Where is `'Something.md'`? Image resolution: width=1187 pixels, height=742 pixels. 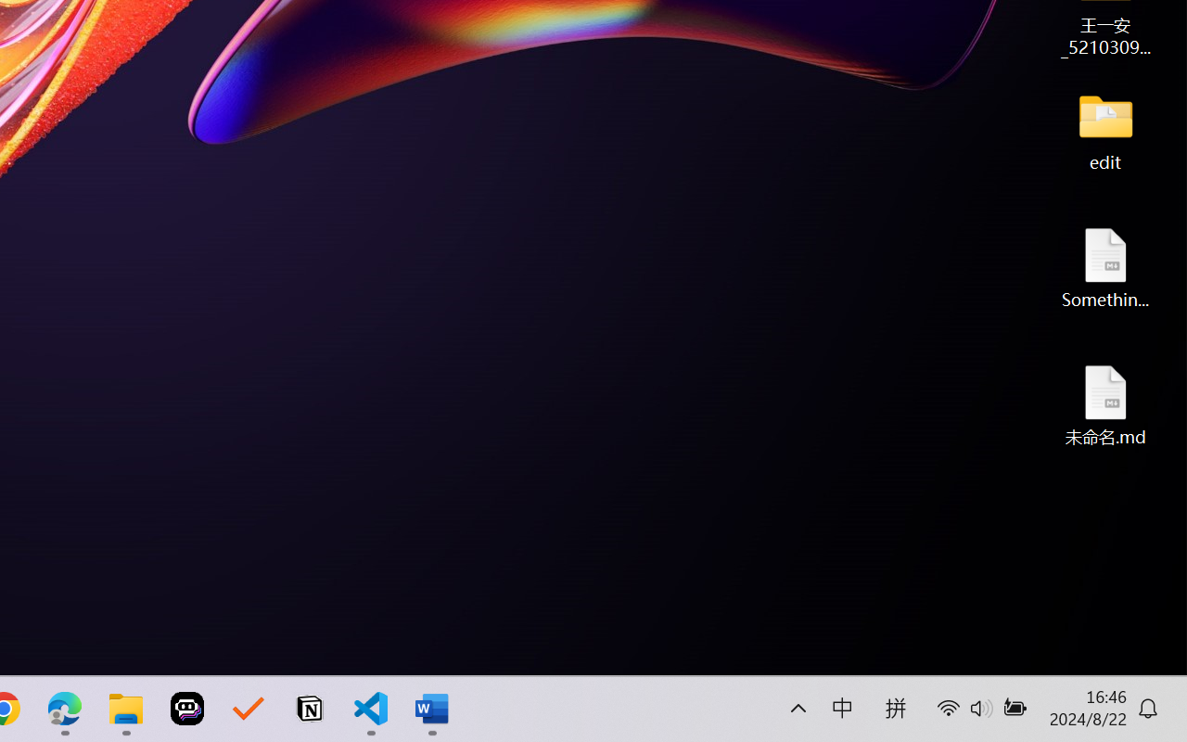 'Something.md' is located at coordinates (1105, 267).